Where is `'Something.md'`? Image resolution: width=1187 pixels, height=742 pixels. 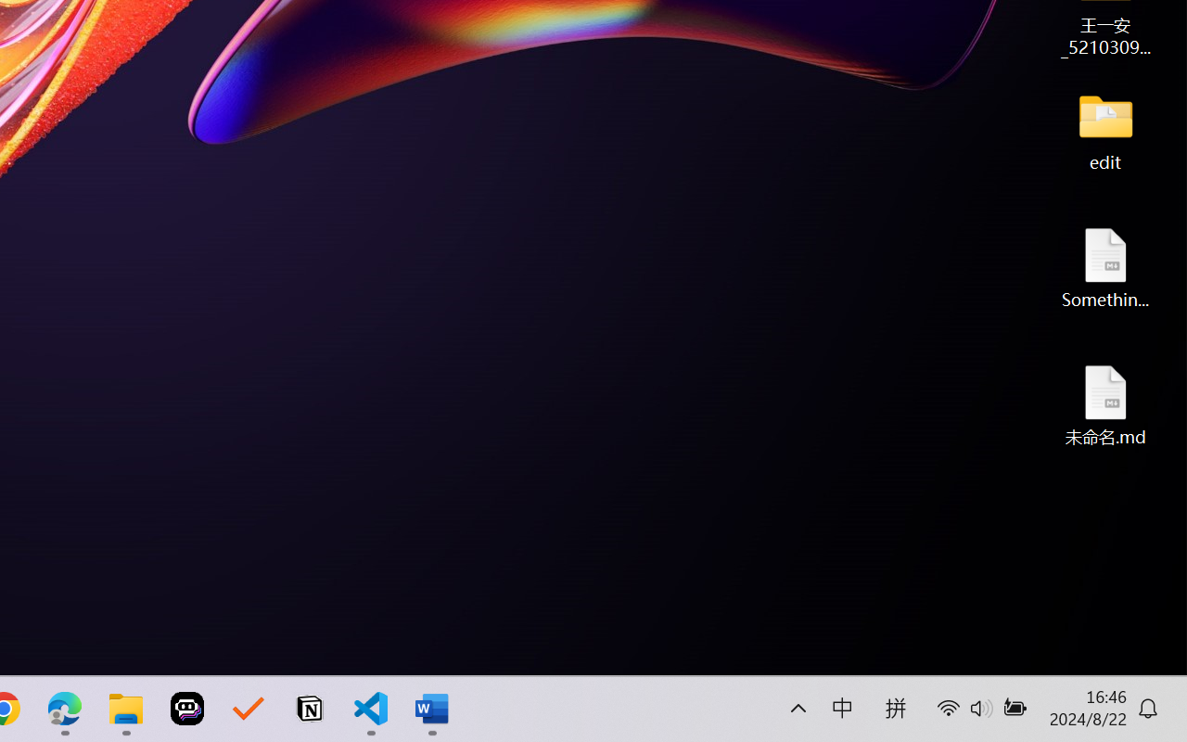 'Something.md' is located at coordinates (1105, 267).